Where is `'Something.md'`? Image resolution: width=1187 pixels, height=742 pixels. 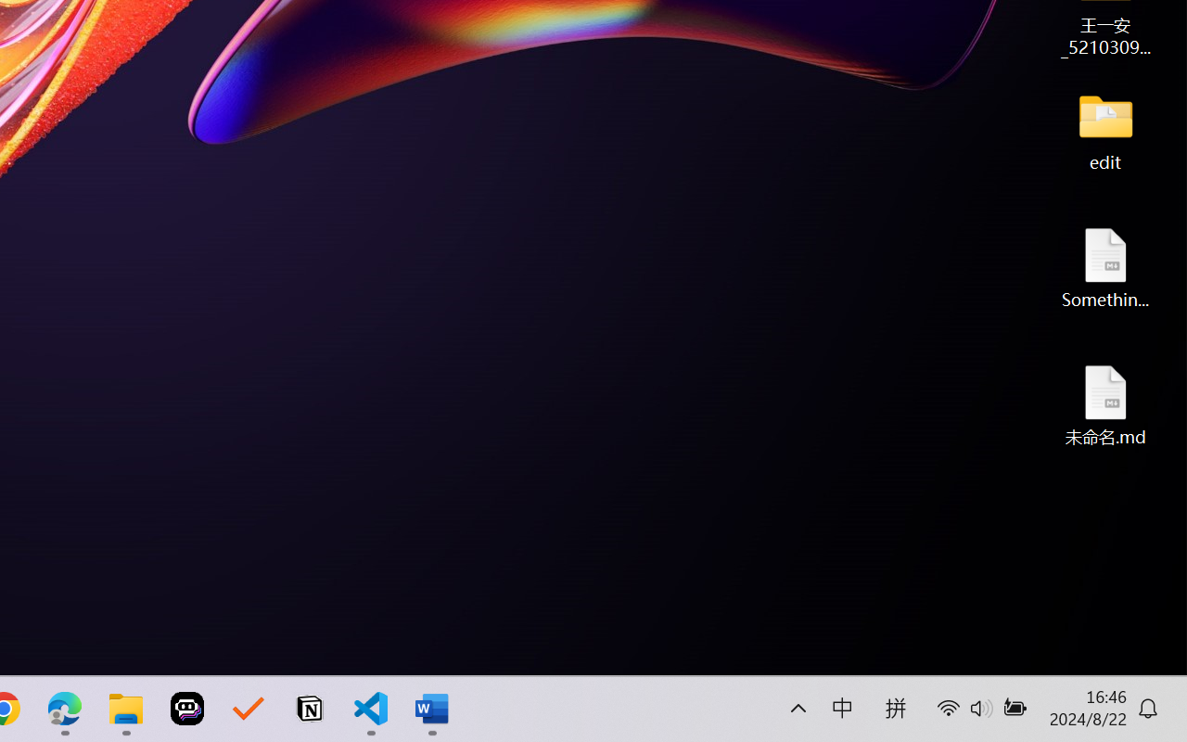 'Something.md' is located at coordinates (1105, 267).